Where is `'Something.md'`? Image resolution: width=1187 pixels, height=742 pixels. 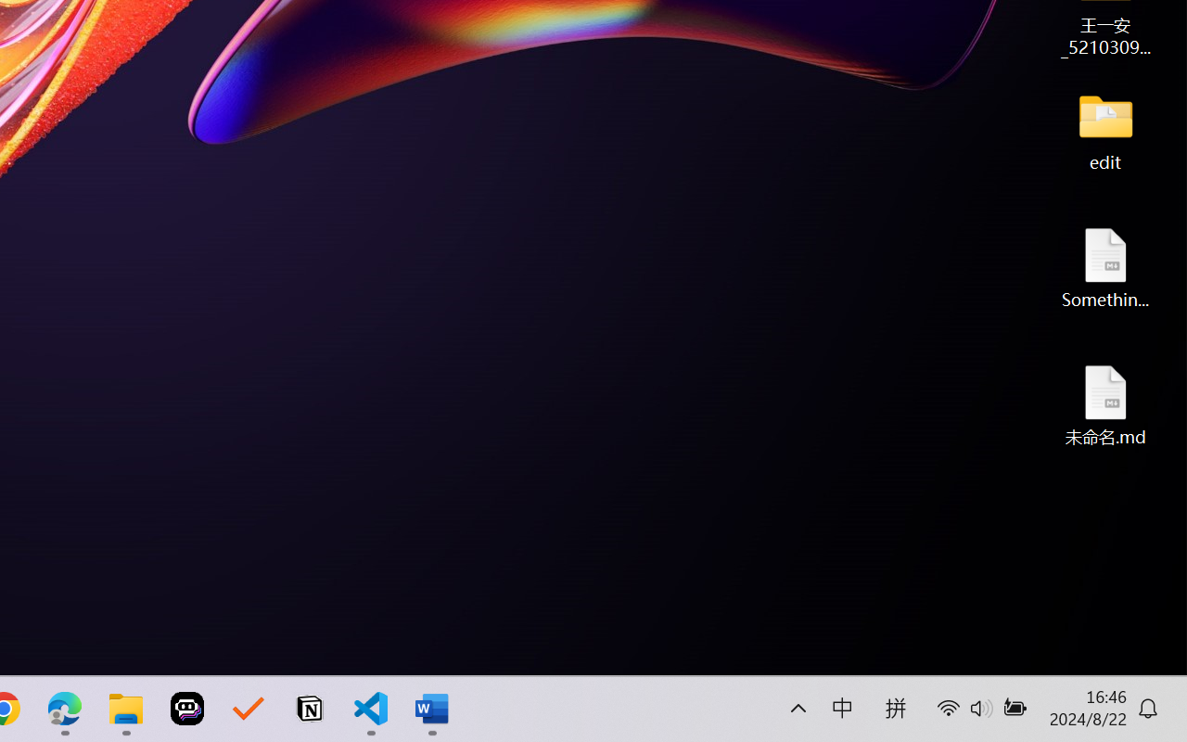 'Something.md' is located at coordinates (1105, 267).